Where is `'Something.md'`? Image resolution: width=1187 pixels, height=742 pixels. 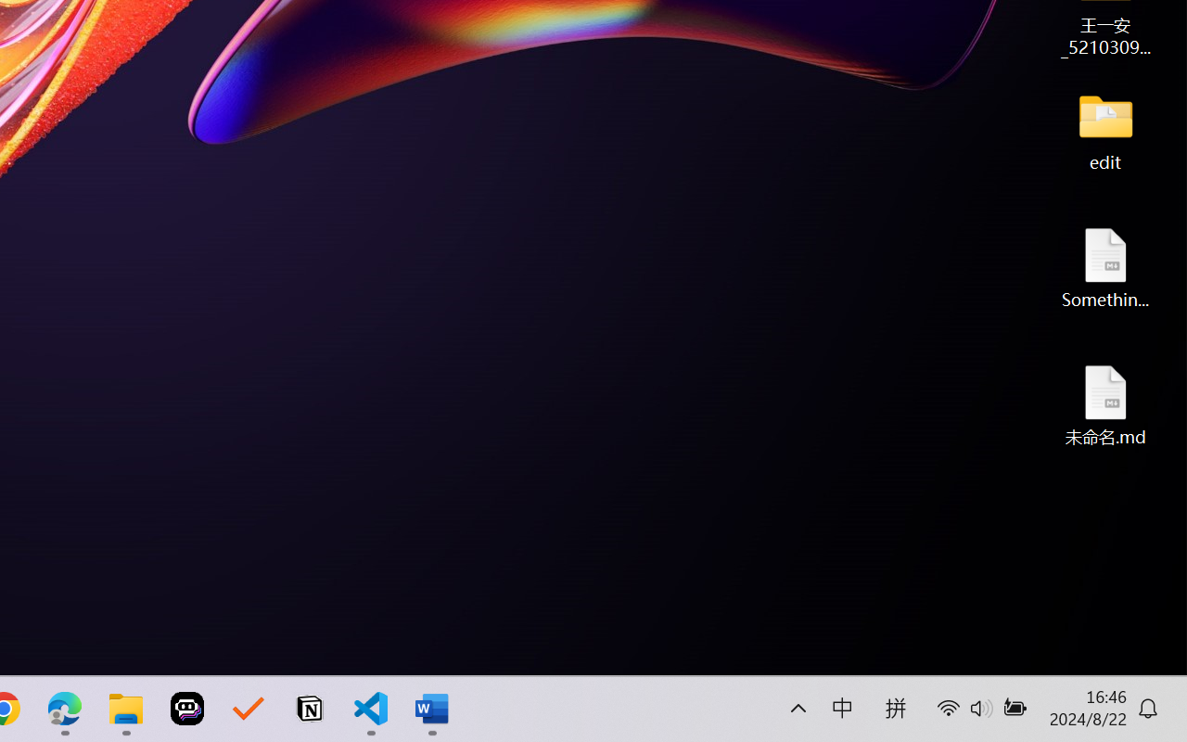 'Something.md' is located at coordinates (1105, 267).